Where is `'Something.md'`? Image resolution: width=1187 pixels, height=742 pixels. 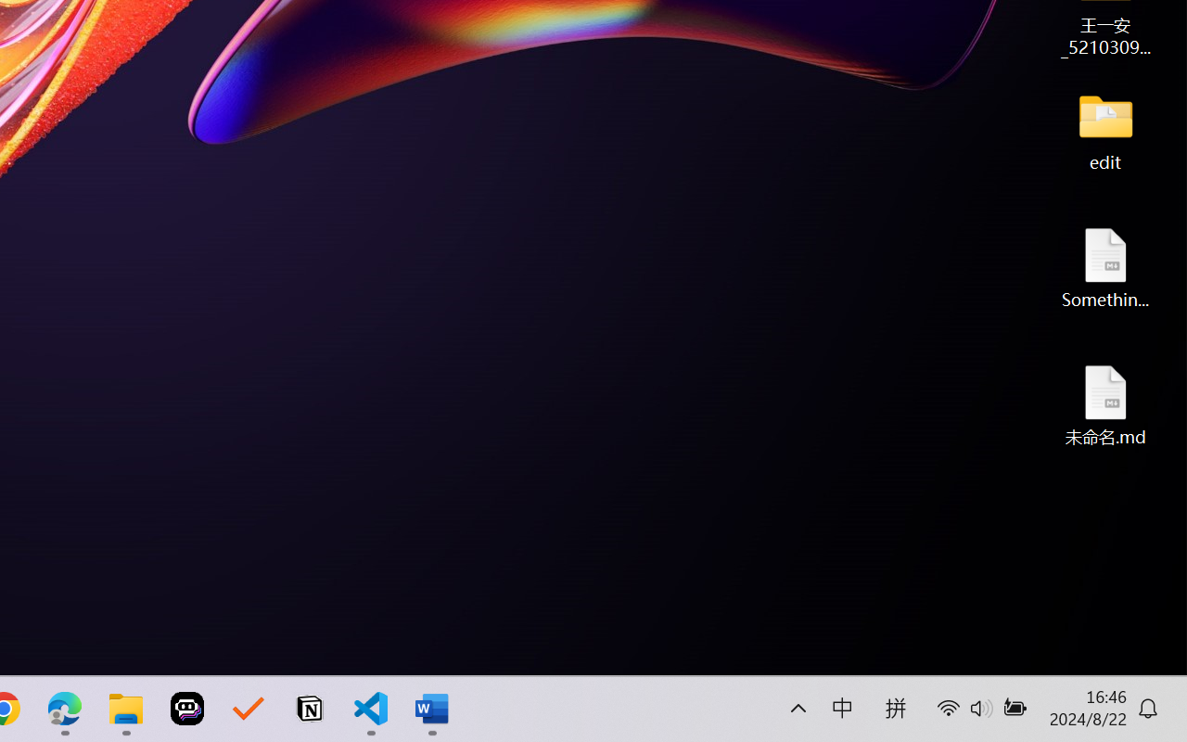 'Something.md' is located at coordinates (1105, 267).